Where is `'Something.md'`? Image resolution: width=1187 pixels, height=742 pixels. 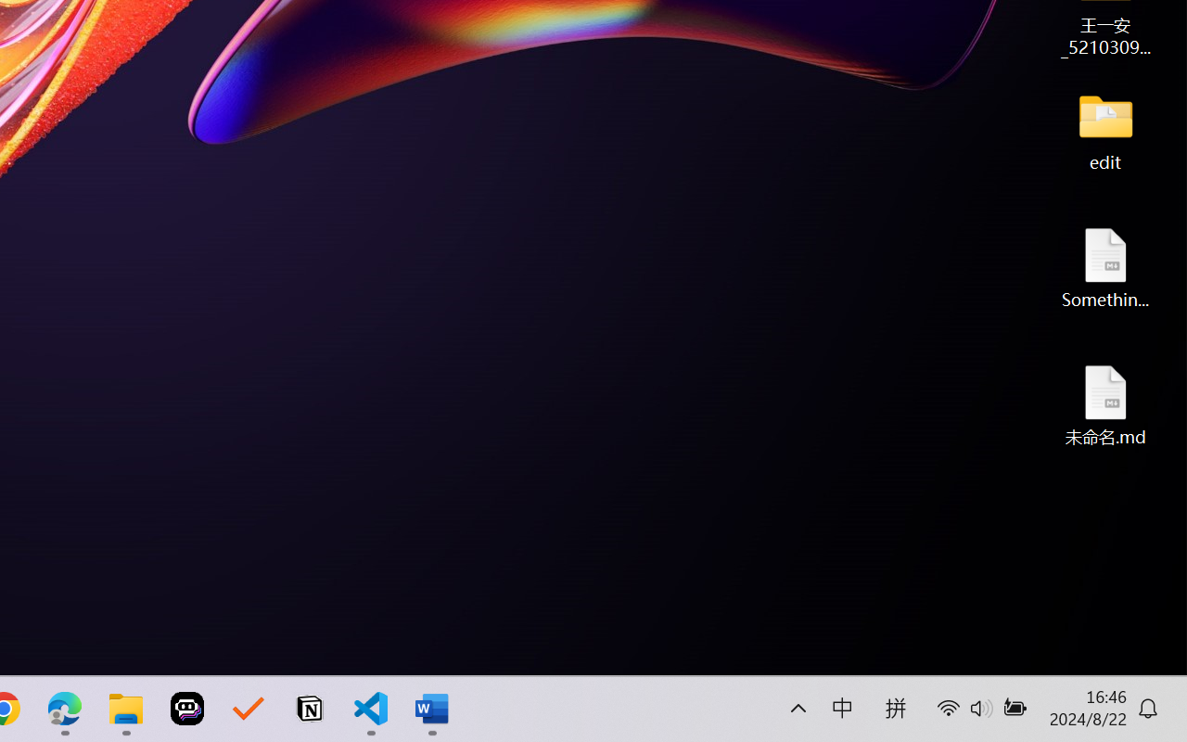 'Something.md' is located at coordinates (1105, 267).